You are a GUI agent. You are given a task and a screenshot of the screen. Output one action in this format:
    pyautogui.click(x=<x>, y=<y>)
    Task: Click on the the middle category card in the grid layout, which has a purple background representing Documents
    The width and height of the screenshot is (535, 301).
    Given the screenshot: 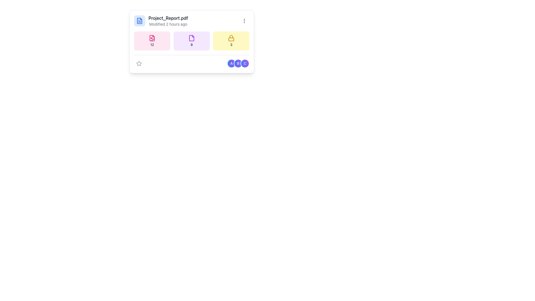 What is the action you would take?
    pyautogui.click(x=191, y=40)
    